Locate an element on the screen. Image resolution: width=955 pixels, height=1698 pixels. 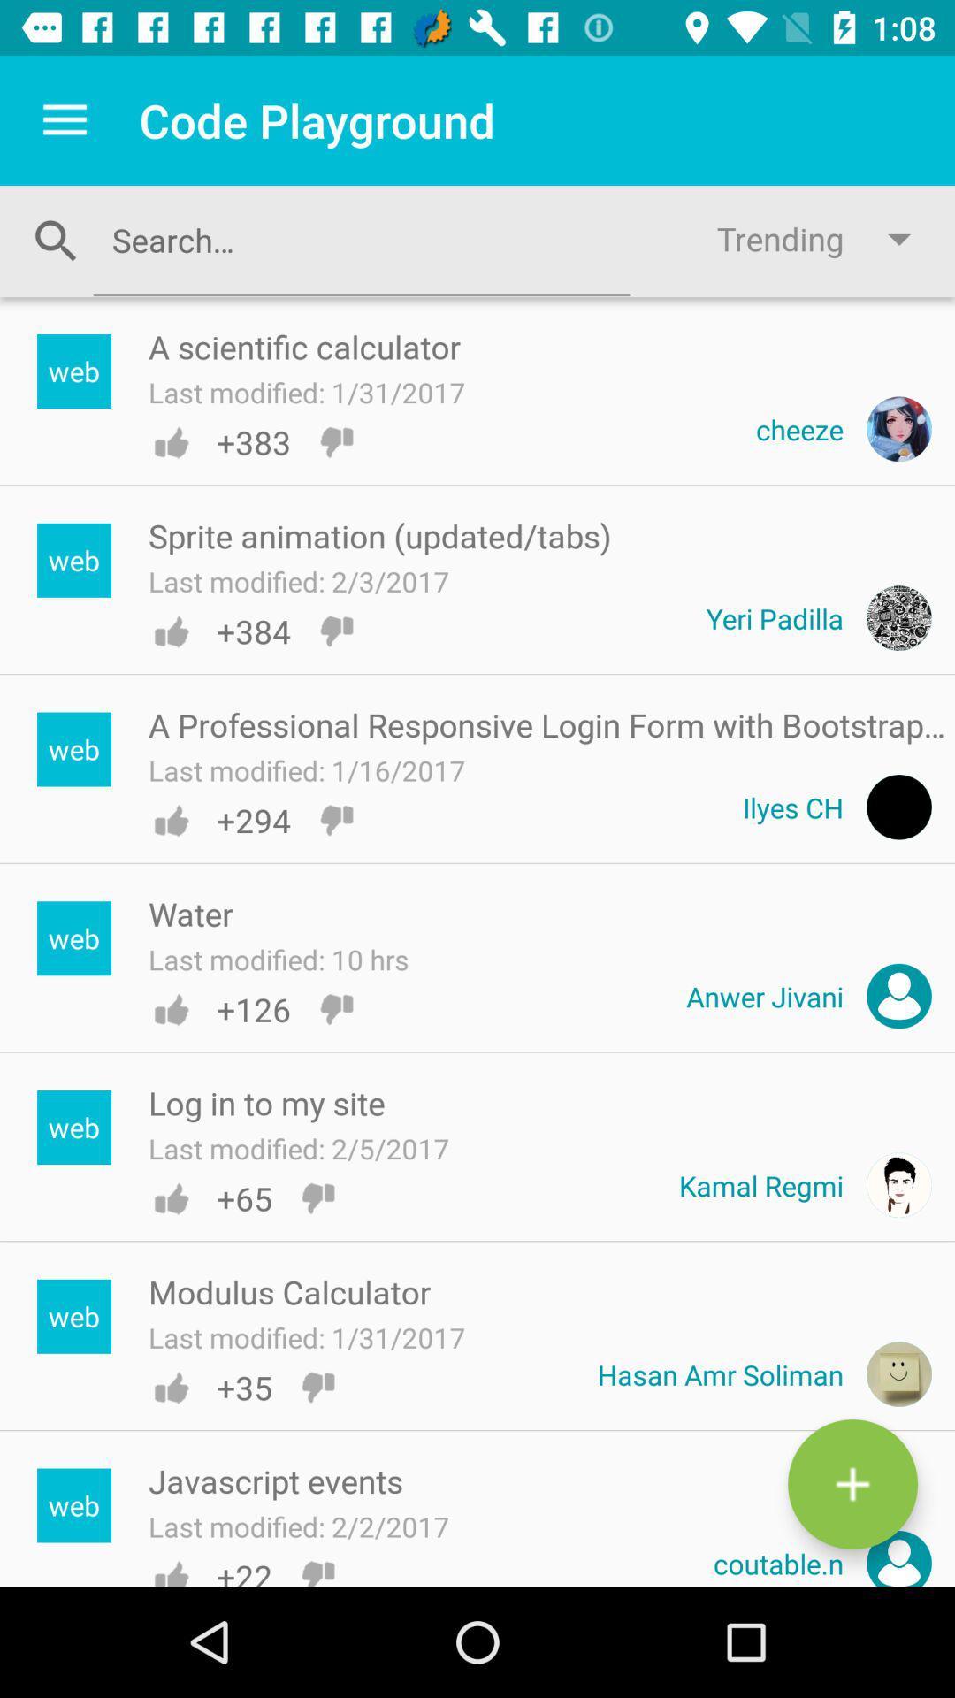
the add icon is located at coordinates (852, 1484).